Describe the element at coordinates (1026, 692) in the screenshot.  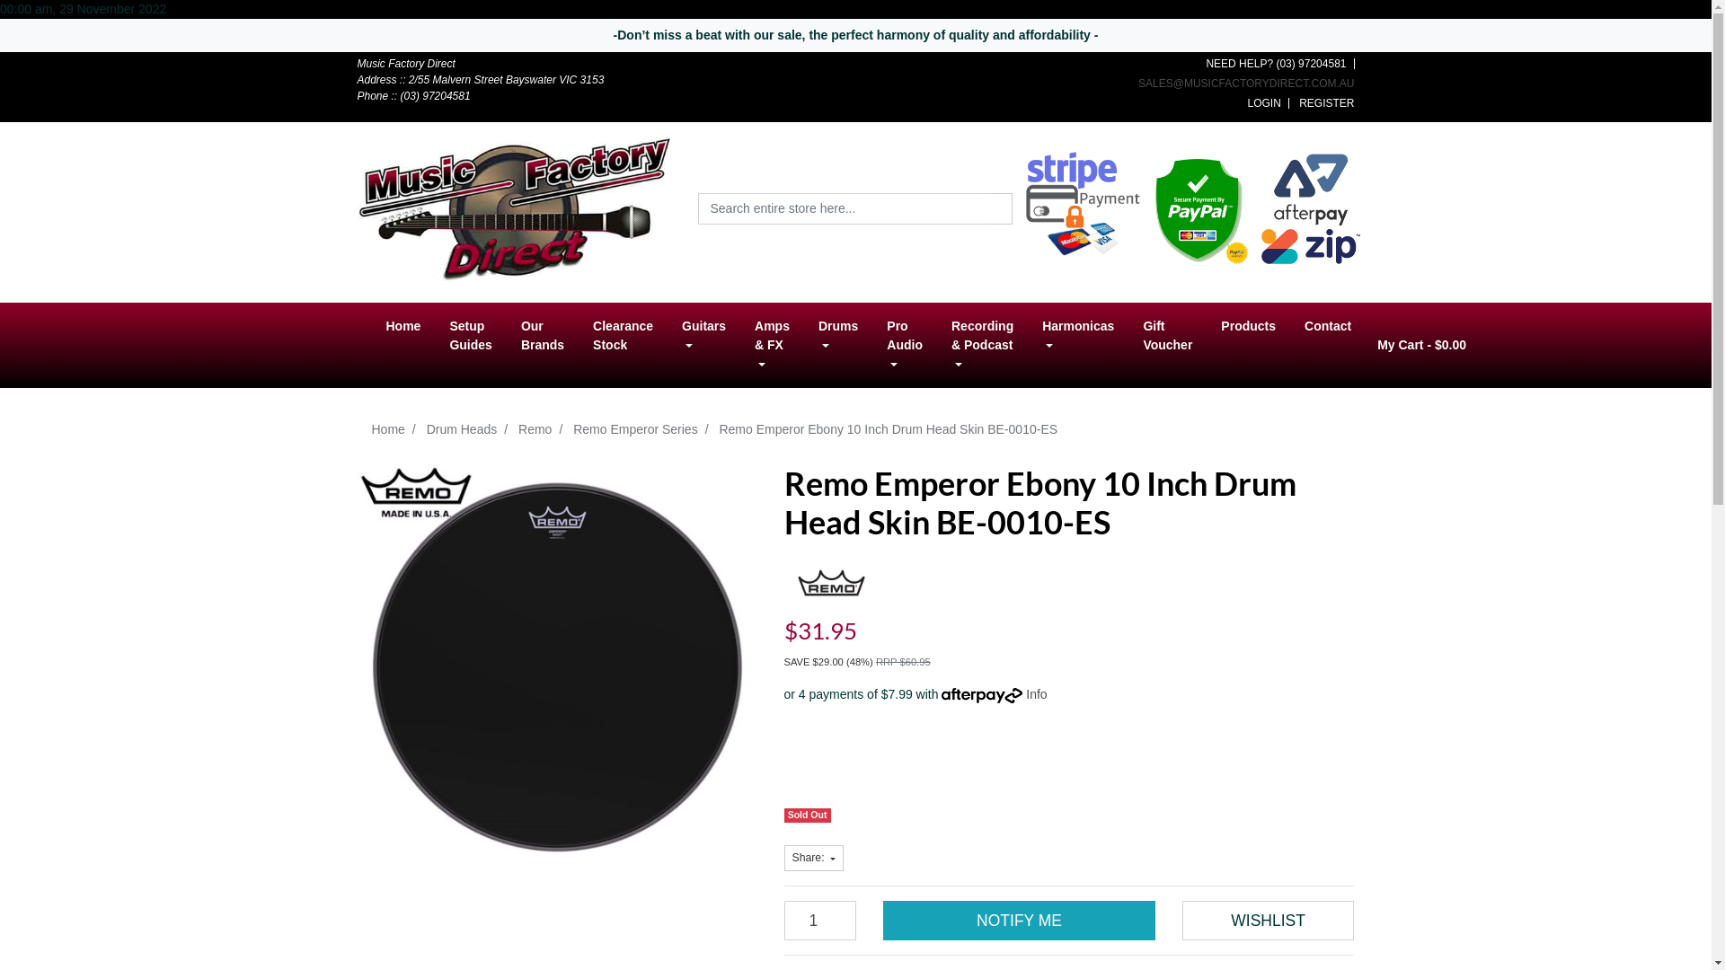
I see `'Info'` at that location.